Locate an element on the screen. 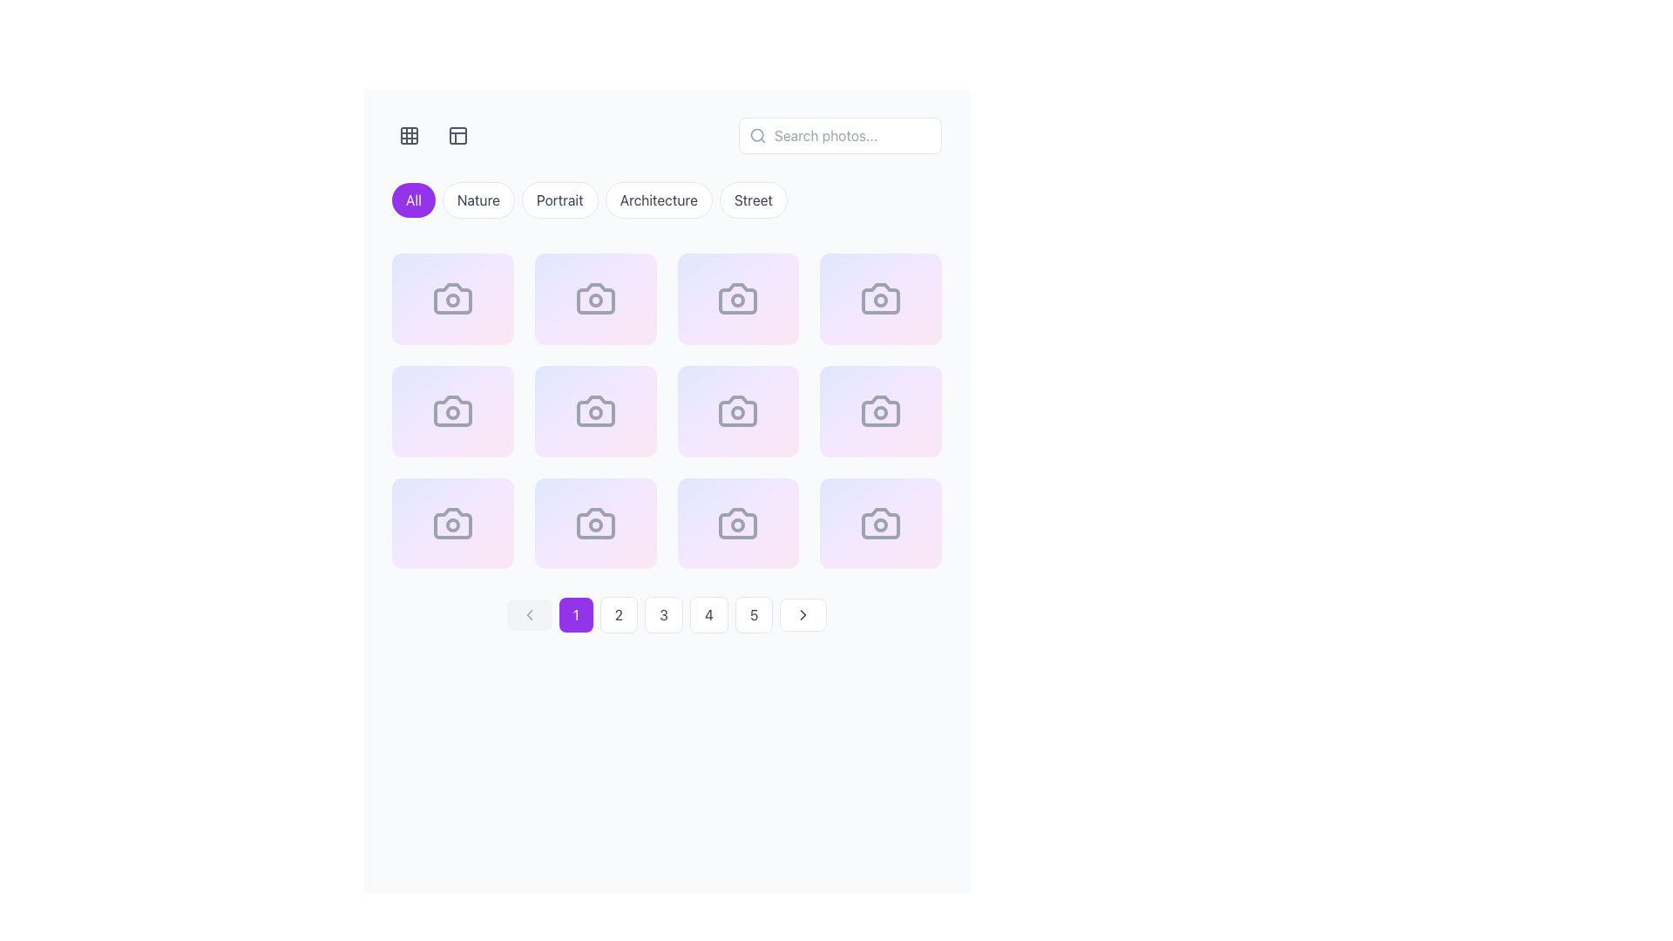  the second button in the pagination controls to observe the hover effect is located at coordinates (619, 614).